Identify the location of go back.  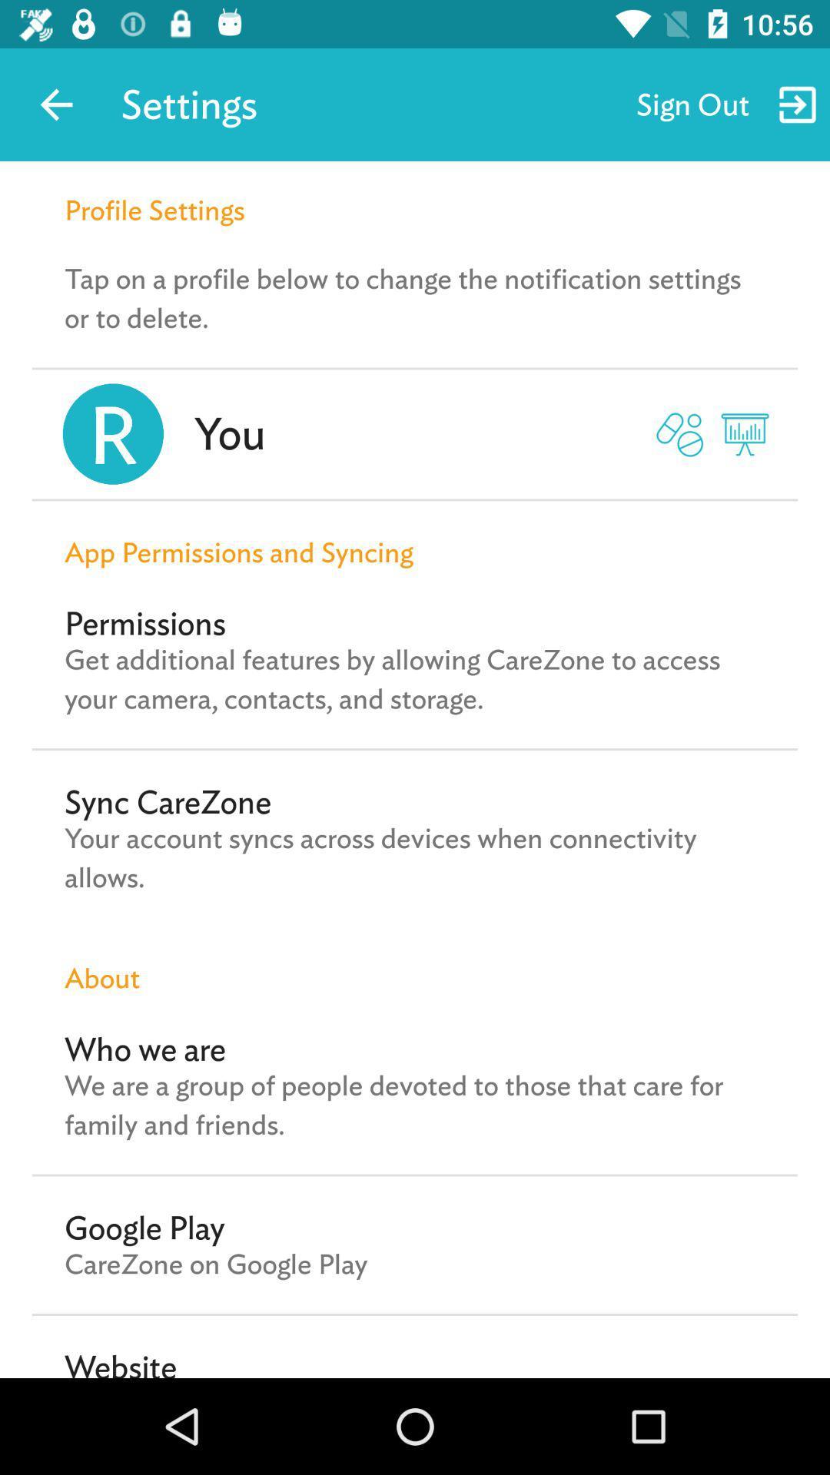
(55, 104).